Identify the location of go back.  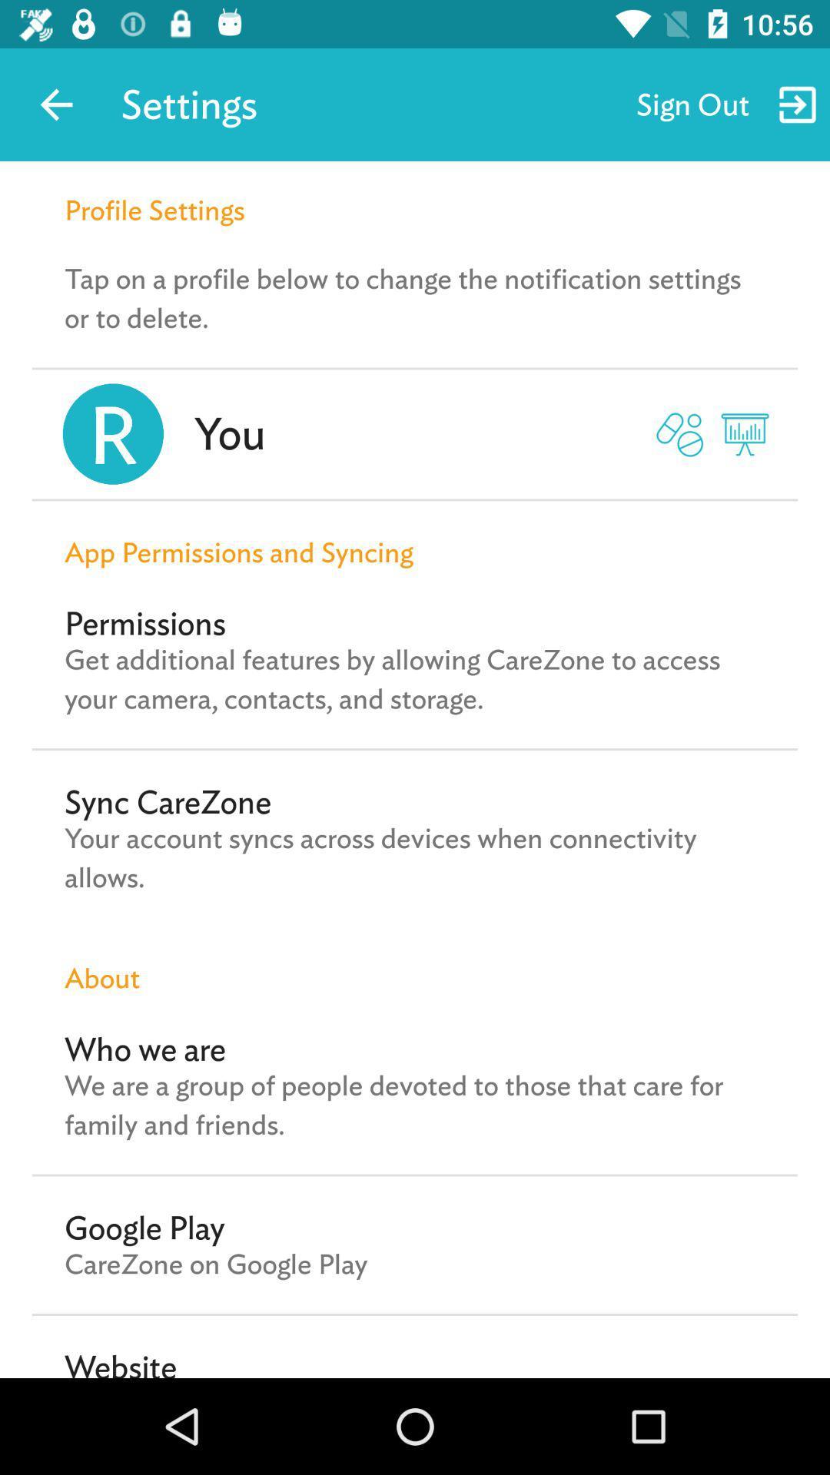
(55, 104).